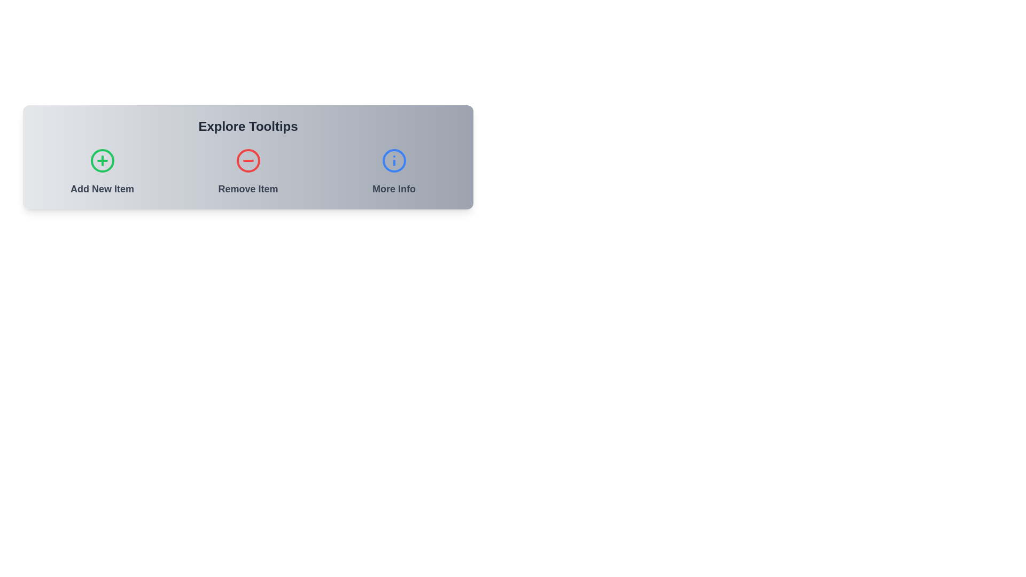  What do you see at coordinates (247, 171) in the screenshot?
I see `the 'Remove Item' button, which is a circular icon with a horizontal line above the text, located centrally between 'Add New Item' and 'More Info'` at bounding box center [247, 171].